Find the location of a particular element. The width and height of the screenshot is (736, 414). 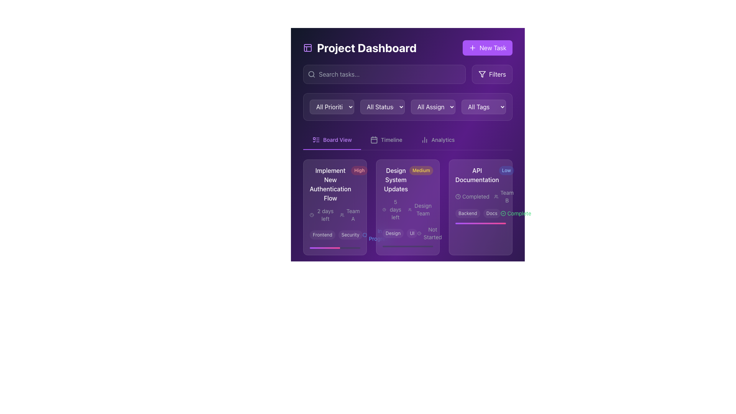

the small, stylized filter icon, which is a triangular funnel shape located inside the 'Filters' button at the top-right section of the interface is located at coordinates (481, 74).